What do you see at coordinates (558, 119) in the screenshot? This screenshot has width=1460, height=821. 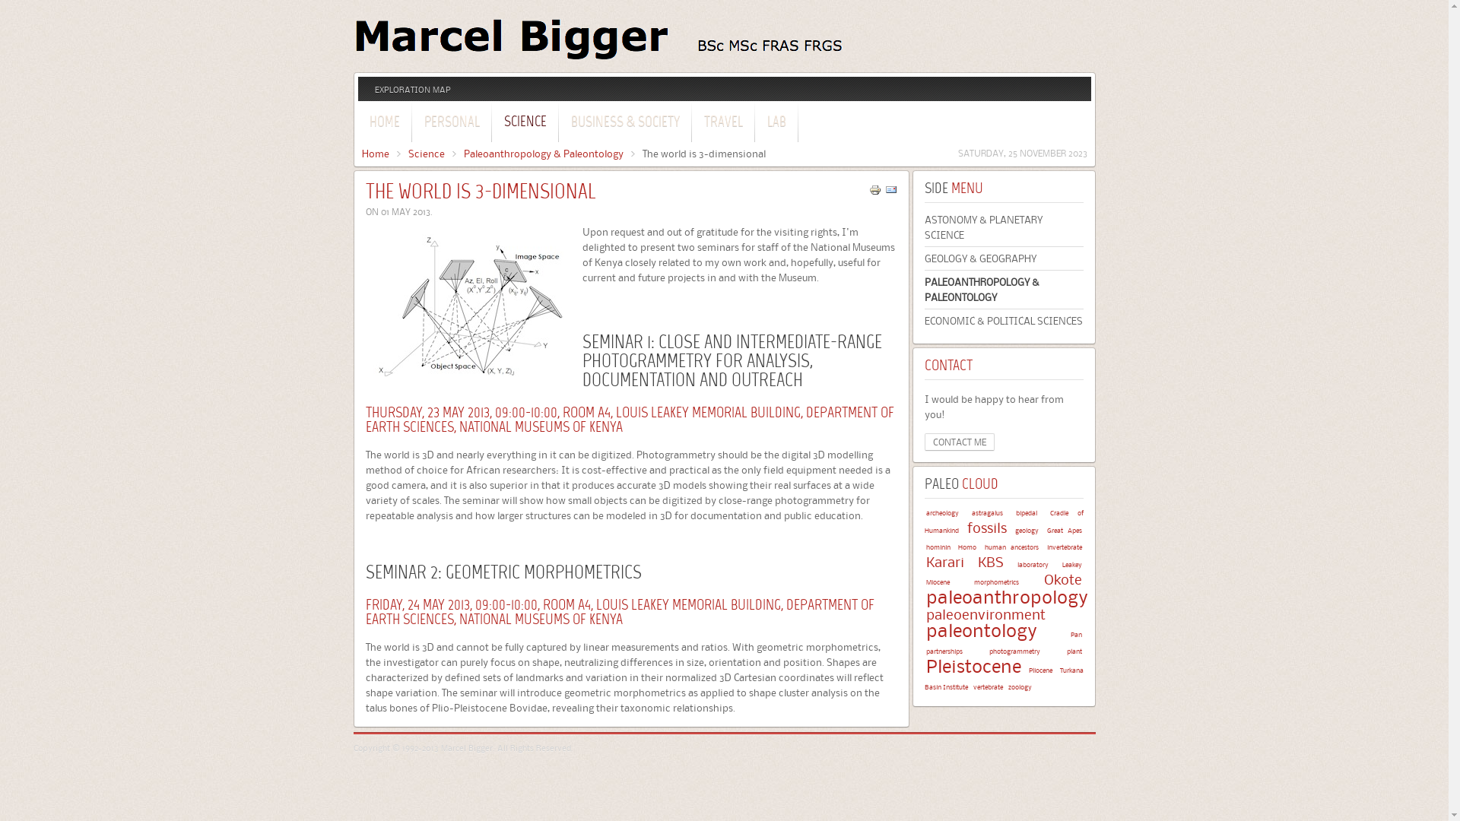 I see `'BUSINESS & SOCIETY'` at bounding box center [558, 119].